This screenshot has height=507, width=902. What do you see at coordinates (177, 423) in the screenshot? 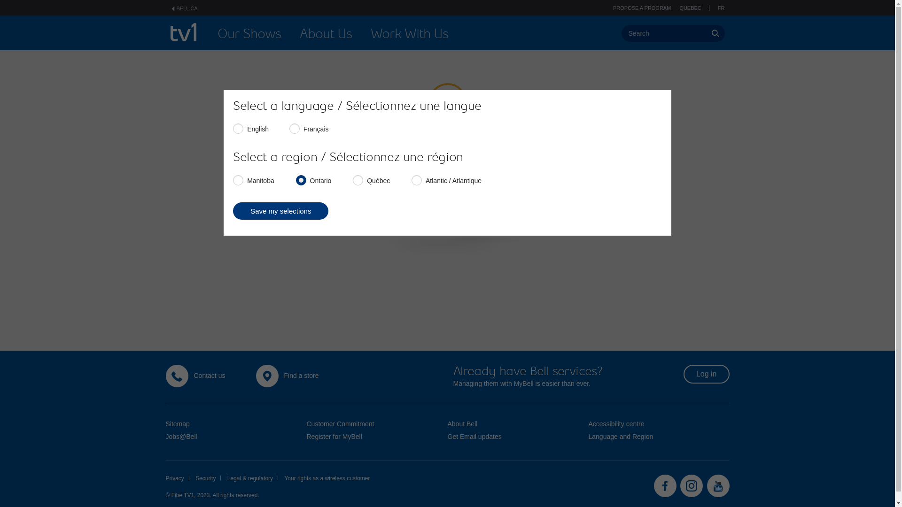
I see `'Sitemap'` at bounding box center [177, 423].